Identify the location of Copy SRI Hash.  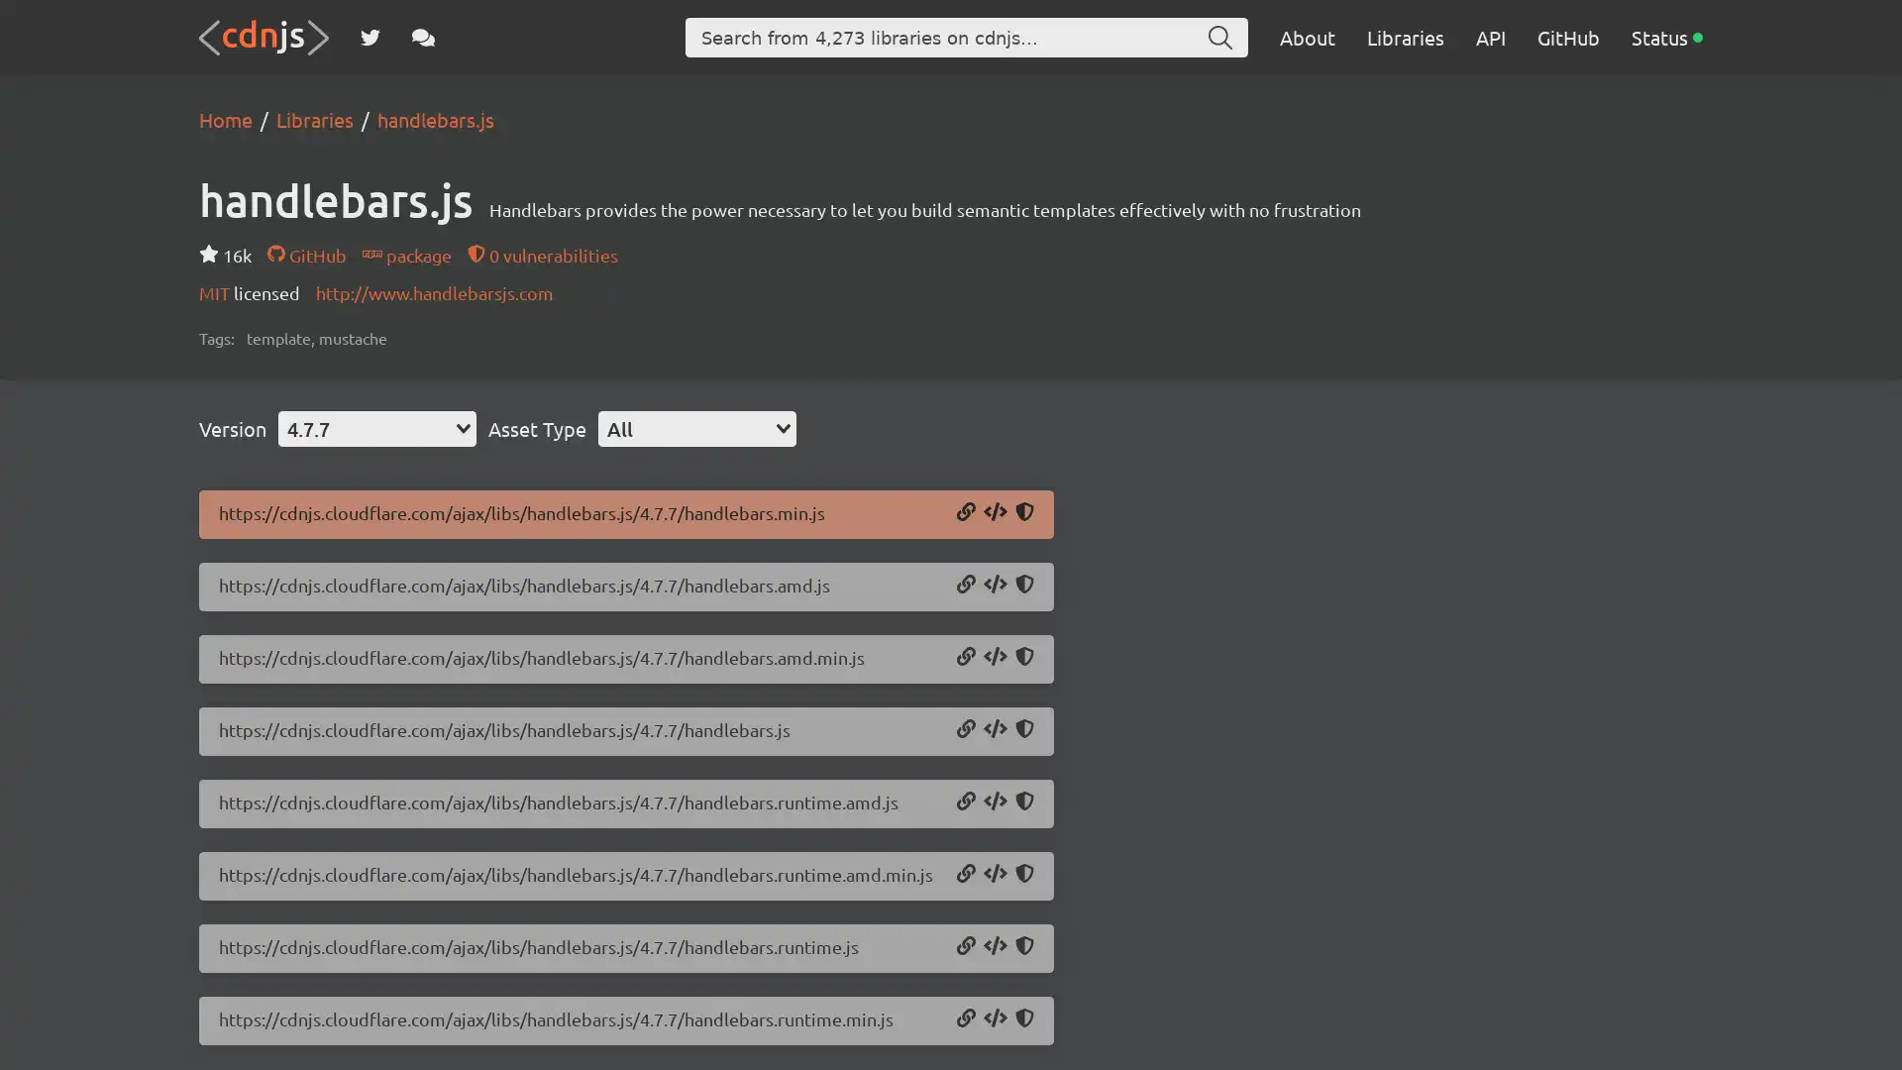
(1024, 512).